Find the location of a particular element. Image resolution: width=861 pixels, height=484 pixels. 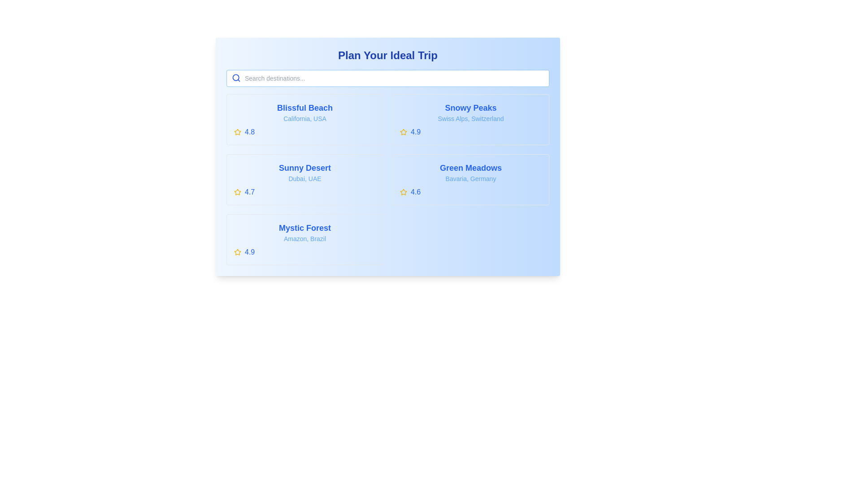

the text label displaying 'Green Meadows' which is positioned at the top of its bordered card is located at coordinates (470, 168).